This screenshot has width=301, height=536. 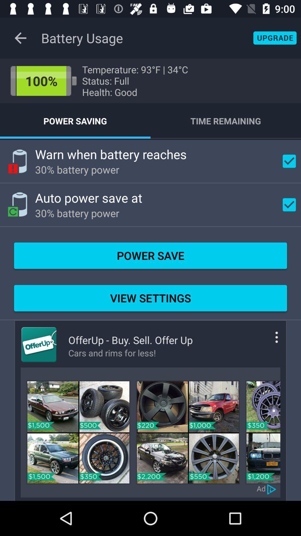 I want to click on power saving item, so click(x=75, y=121).